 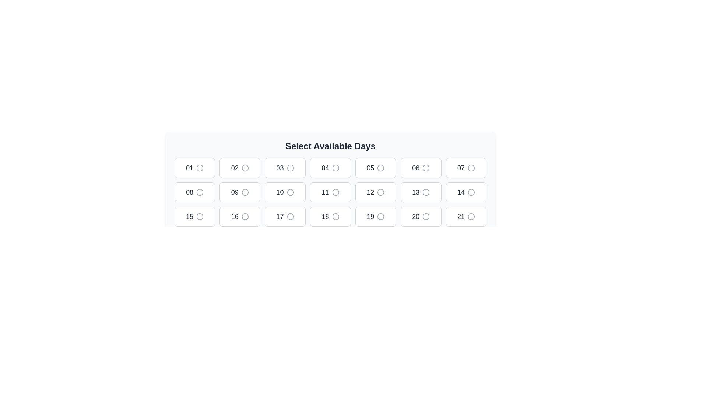 What do you see at coordinates (200, 192) in the screenshot?
I see `the radio button located immediately to the right of the number '08' in the grid layout below the 'Select Available Days' heading` at bounding box center [200, 192].